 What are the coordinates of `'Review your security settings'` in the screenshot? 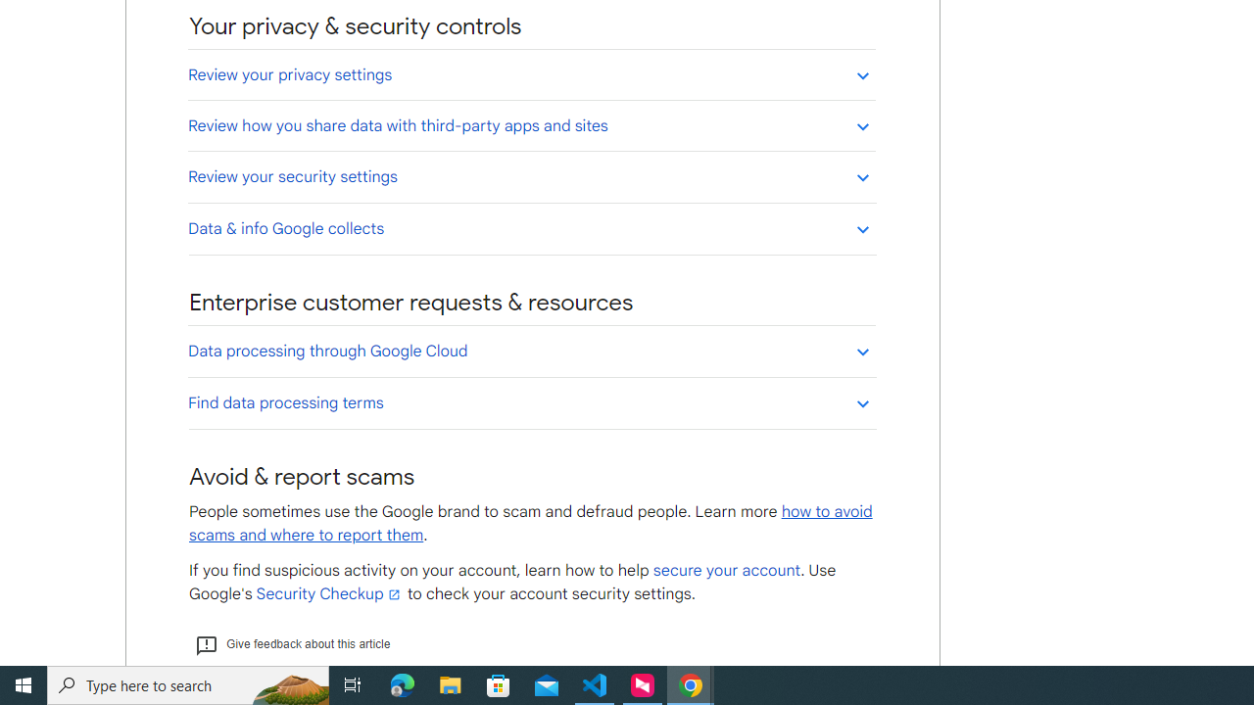 It's located at (531, 176).